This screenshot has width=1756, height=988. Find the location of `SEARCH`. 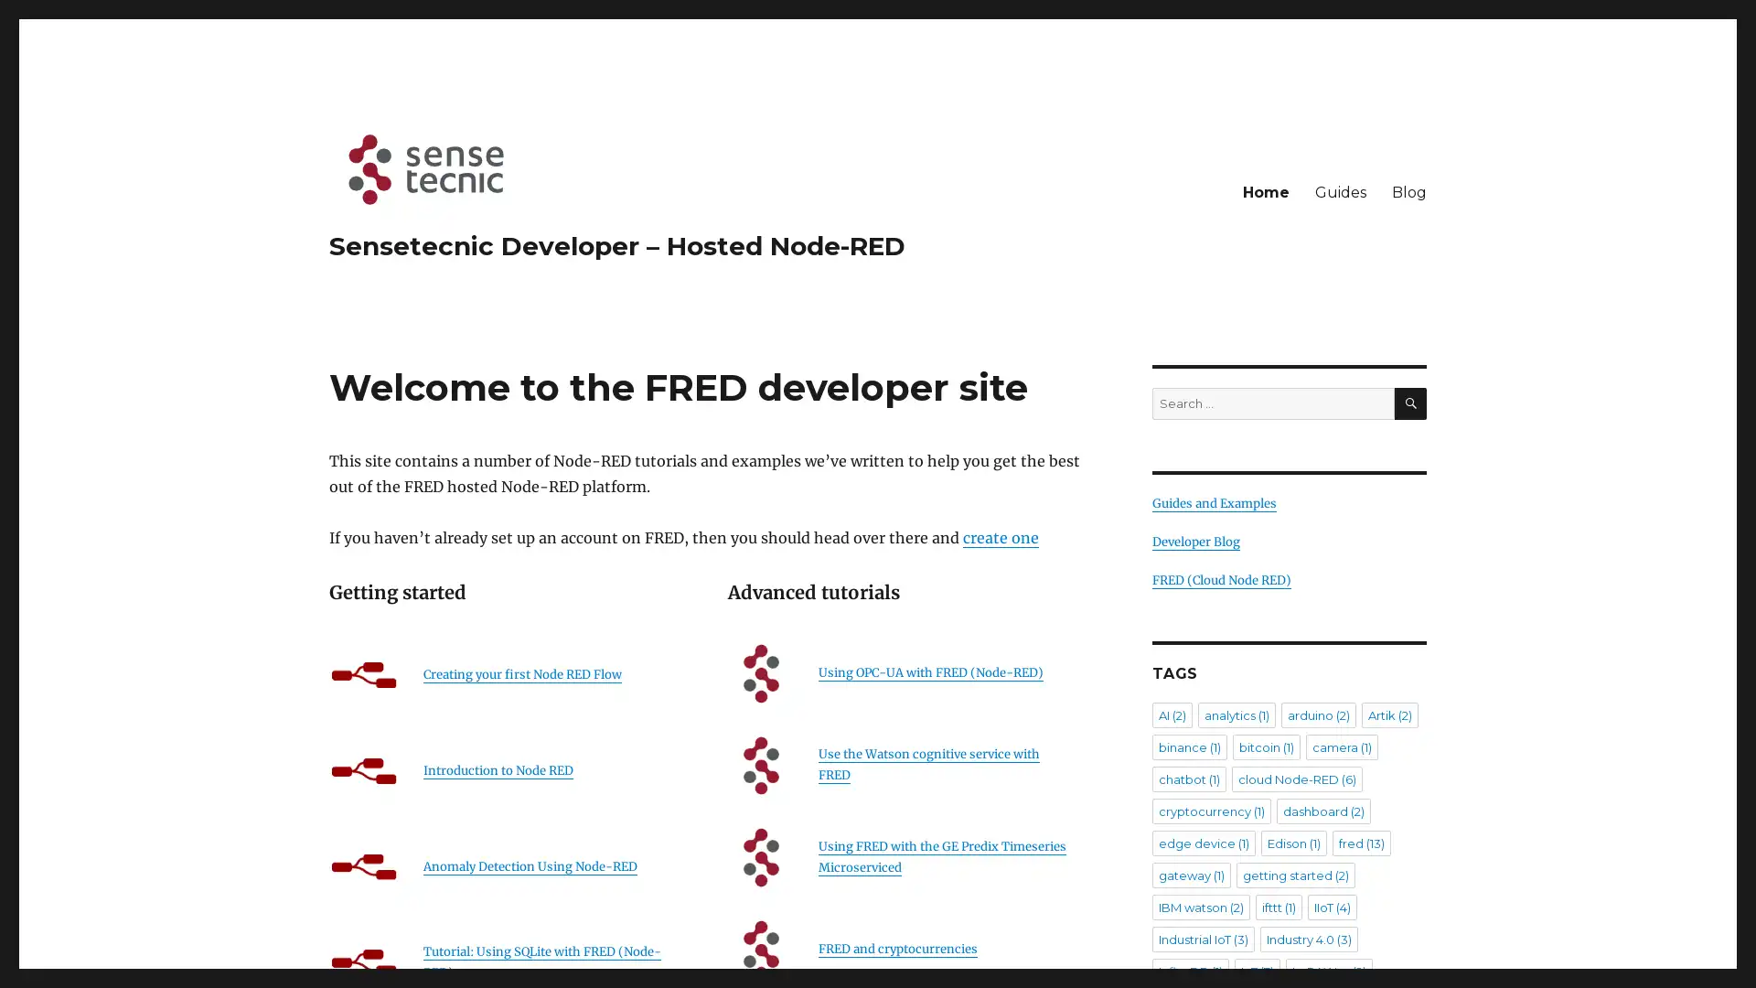

SEARCH is located at coordinates (1409, 403).